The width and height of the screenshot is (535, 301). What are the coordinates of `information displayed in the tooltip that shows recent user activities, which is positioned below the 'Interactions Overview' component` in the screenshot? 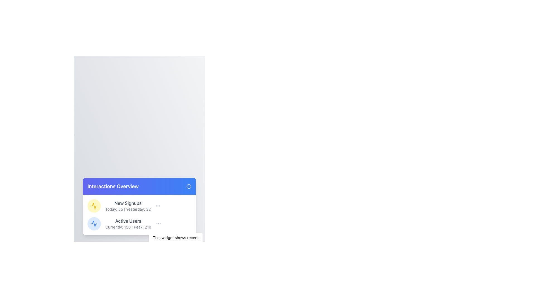 It's located at (175, 240).